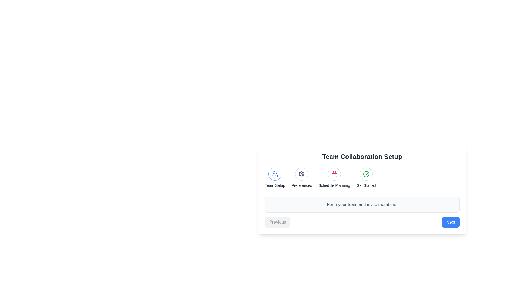  I want to click on text of the 'Get Started' indicator, which is a green circular checkmark icon with a medium-weighted gray font label located in the fourth position of the step indicators in the 'Team Collaboration Setup' section, so click(366, 178).